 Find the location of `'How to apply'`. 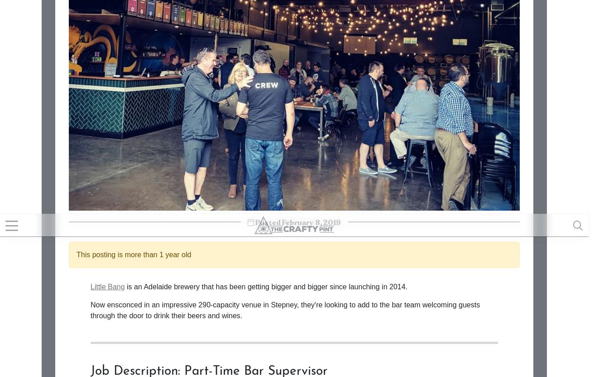

'How to apply' is located at coordinates (112, 97).